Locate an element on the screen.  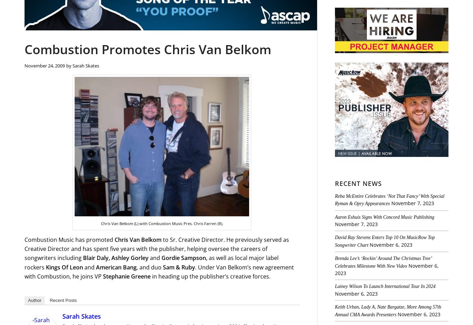
'by' is located at coordinates (69, 65).